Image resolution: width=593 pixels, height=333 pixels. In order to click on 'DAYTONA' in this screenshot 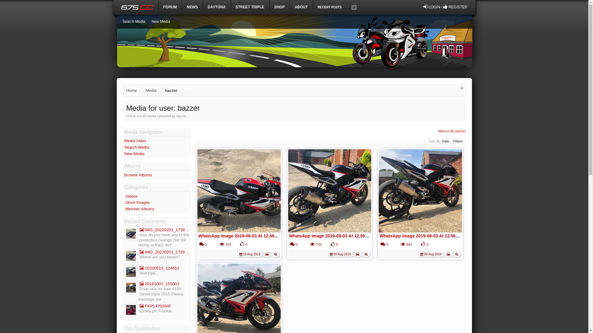, I will do `click(203, 7)`.